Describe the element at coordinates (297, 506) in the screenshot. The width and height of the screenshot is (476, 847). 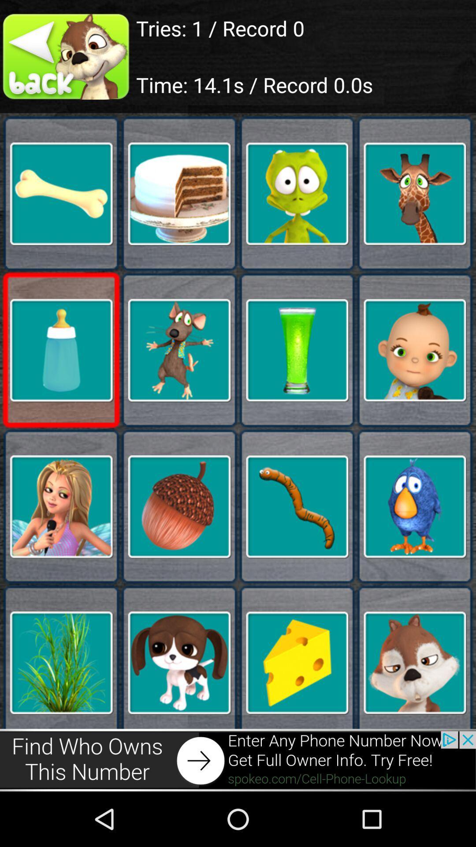
I see `the worm image` at that location.